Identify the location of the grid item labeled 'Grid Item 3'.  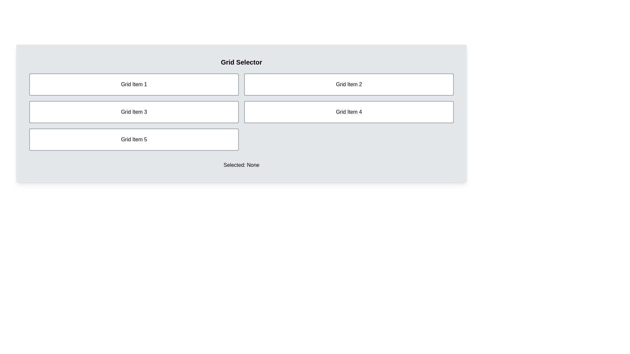
(134, 112).